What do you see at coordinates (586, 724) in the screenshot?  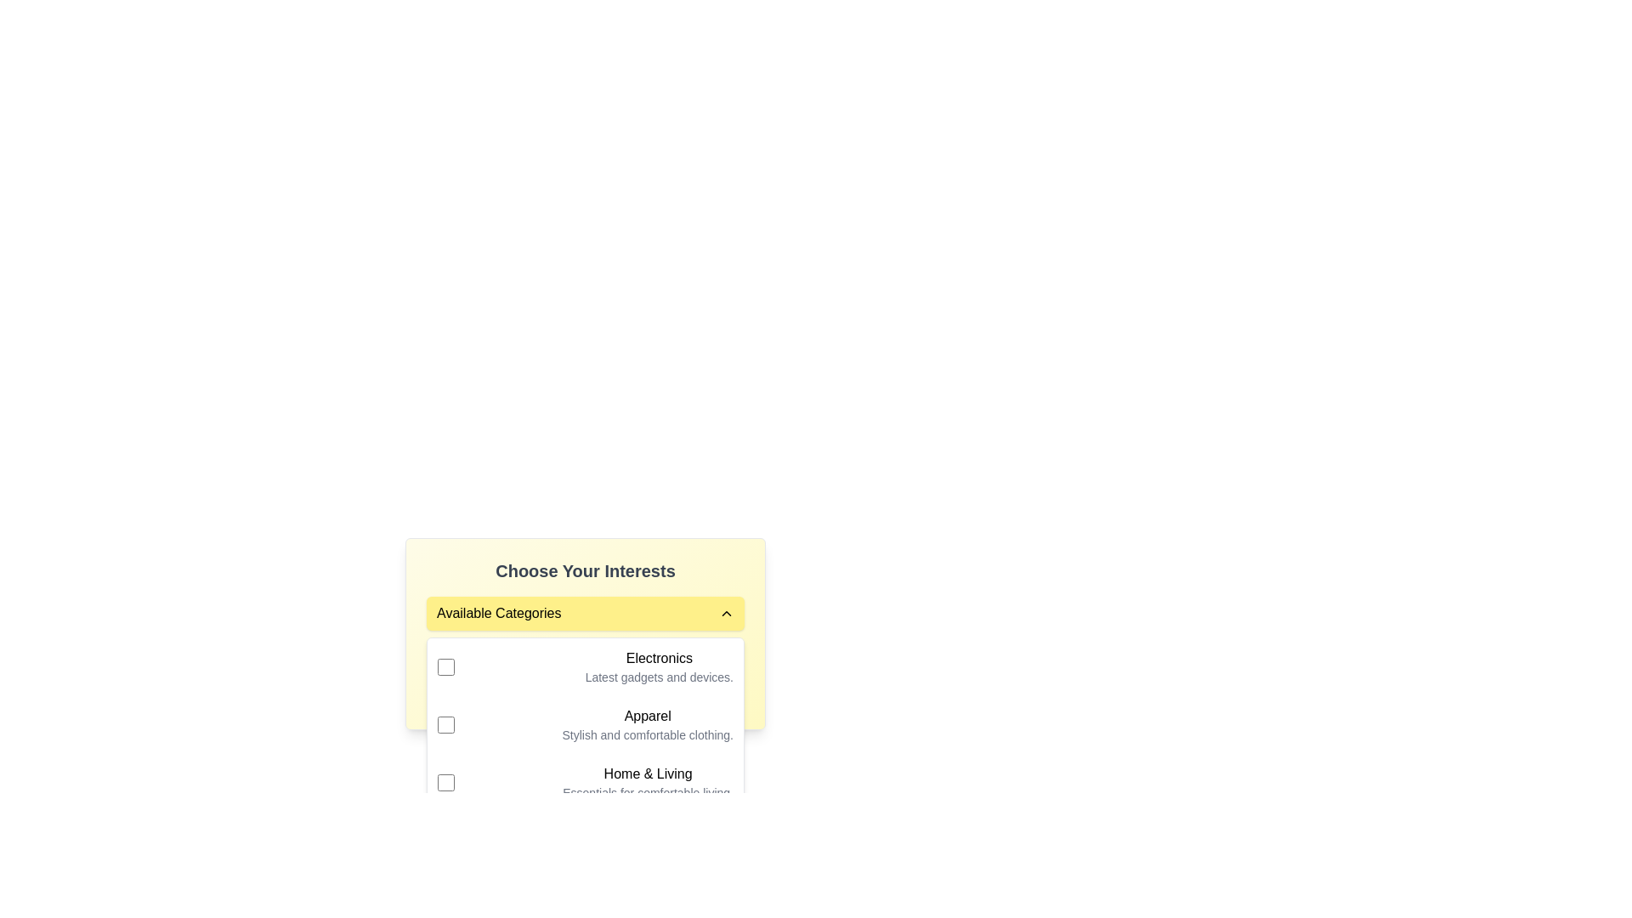 I see `the 'Apparel' category selection item in the dropdown menu` at bounding box center [586, 724].